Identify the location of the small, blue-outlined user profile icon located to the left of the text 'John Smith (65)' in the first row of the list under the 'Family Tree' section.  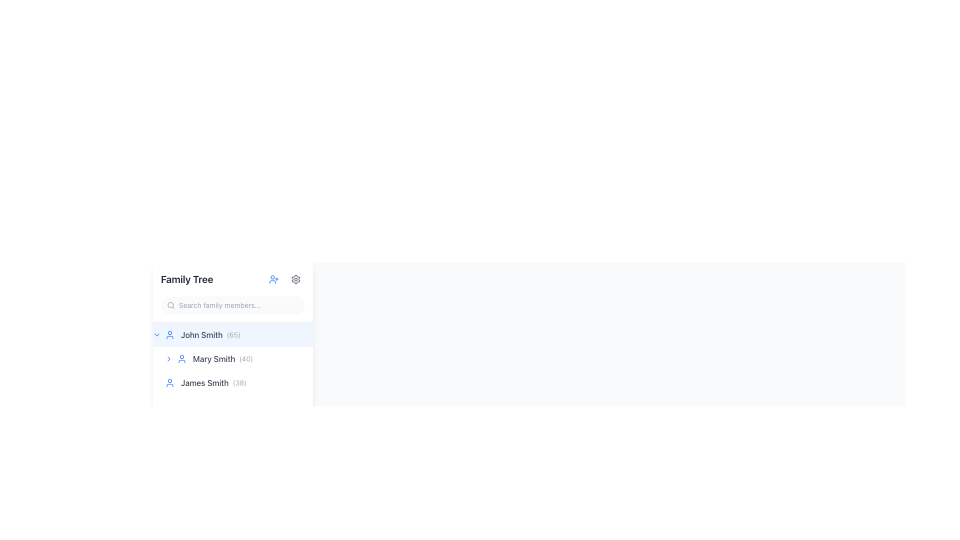
(170, 335).